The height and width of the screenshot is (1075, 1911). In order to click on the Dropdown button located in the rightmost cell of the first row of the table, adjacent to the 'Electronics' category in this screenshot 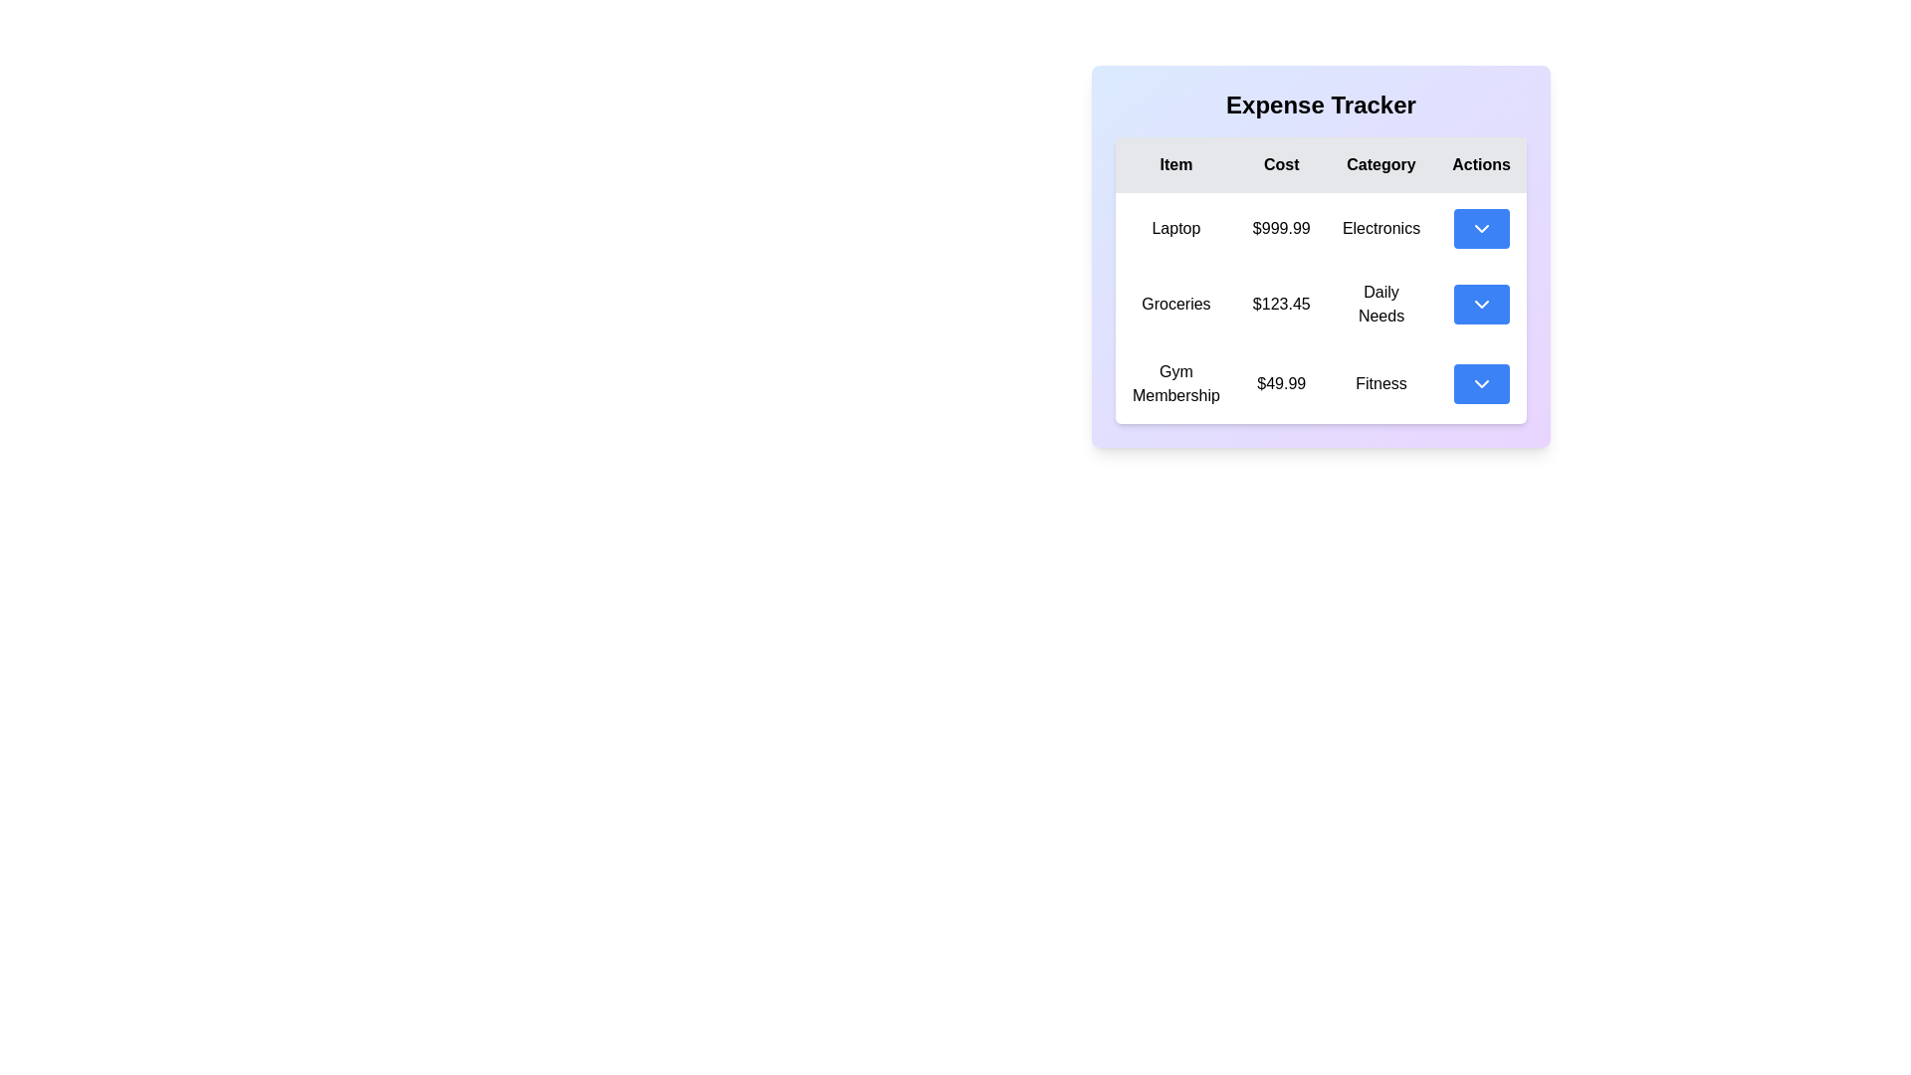, I will do `click(1481, 228)`.